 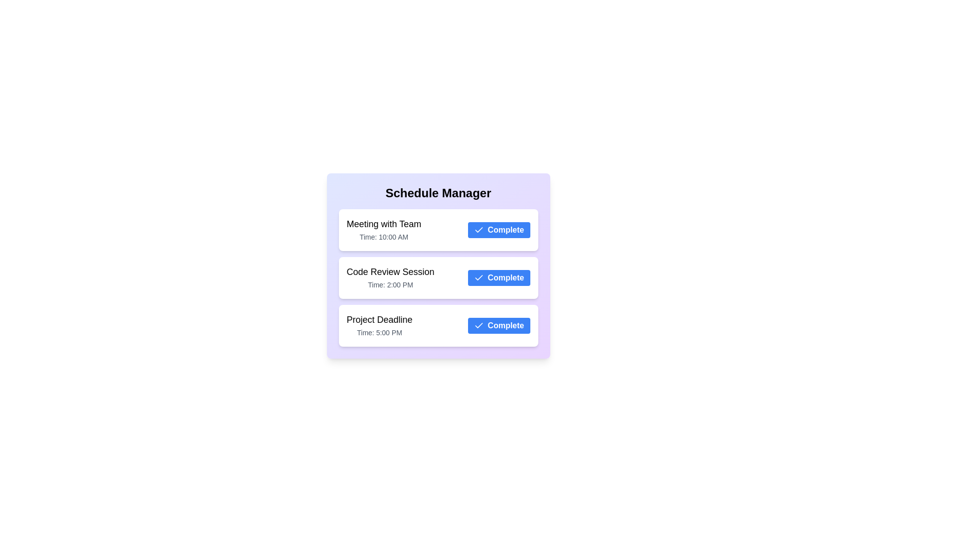 I want to click on the task item Project Deadline in the ScheduleManager component, so click(x=438, y=326).